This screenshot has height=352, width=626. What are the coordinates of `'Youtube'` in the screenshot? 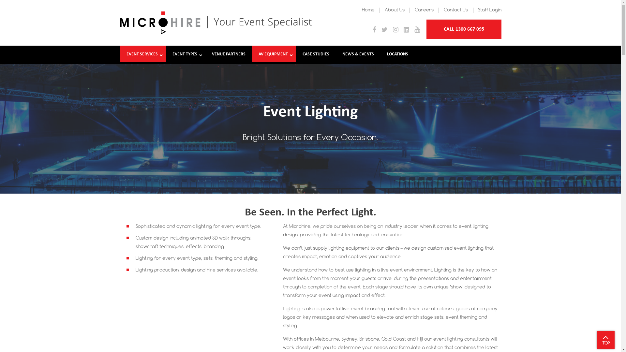 It's located at (416, 30).